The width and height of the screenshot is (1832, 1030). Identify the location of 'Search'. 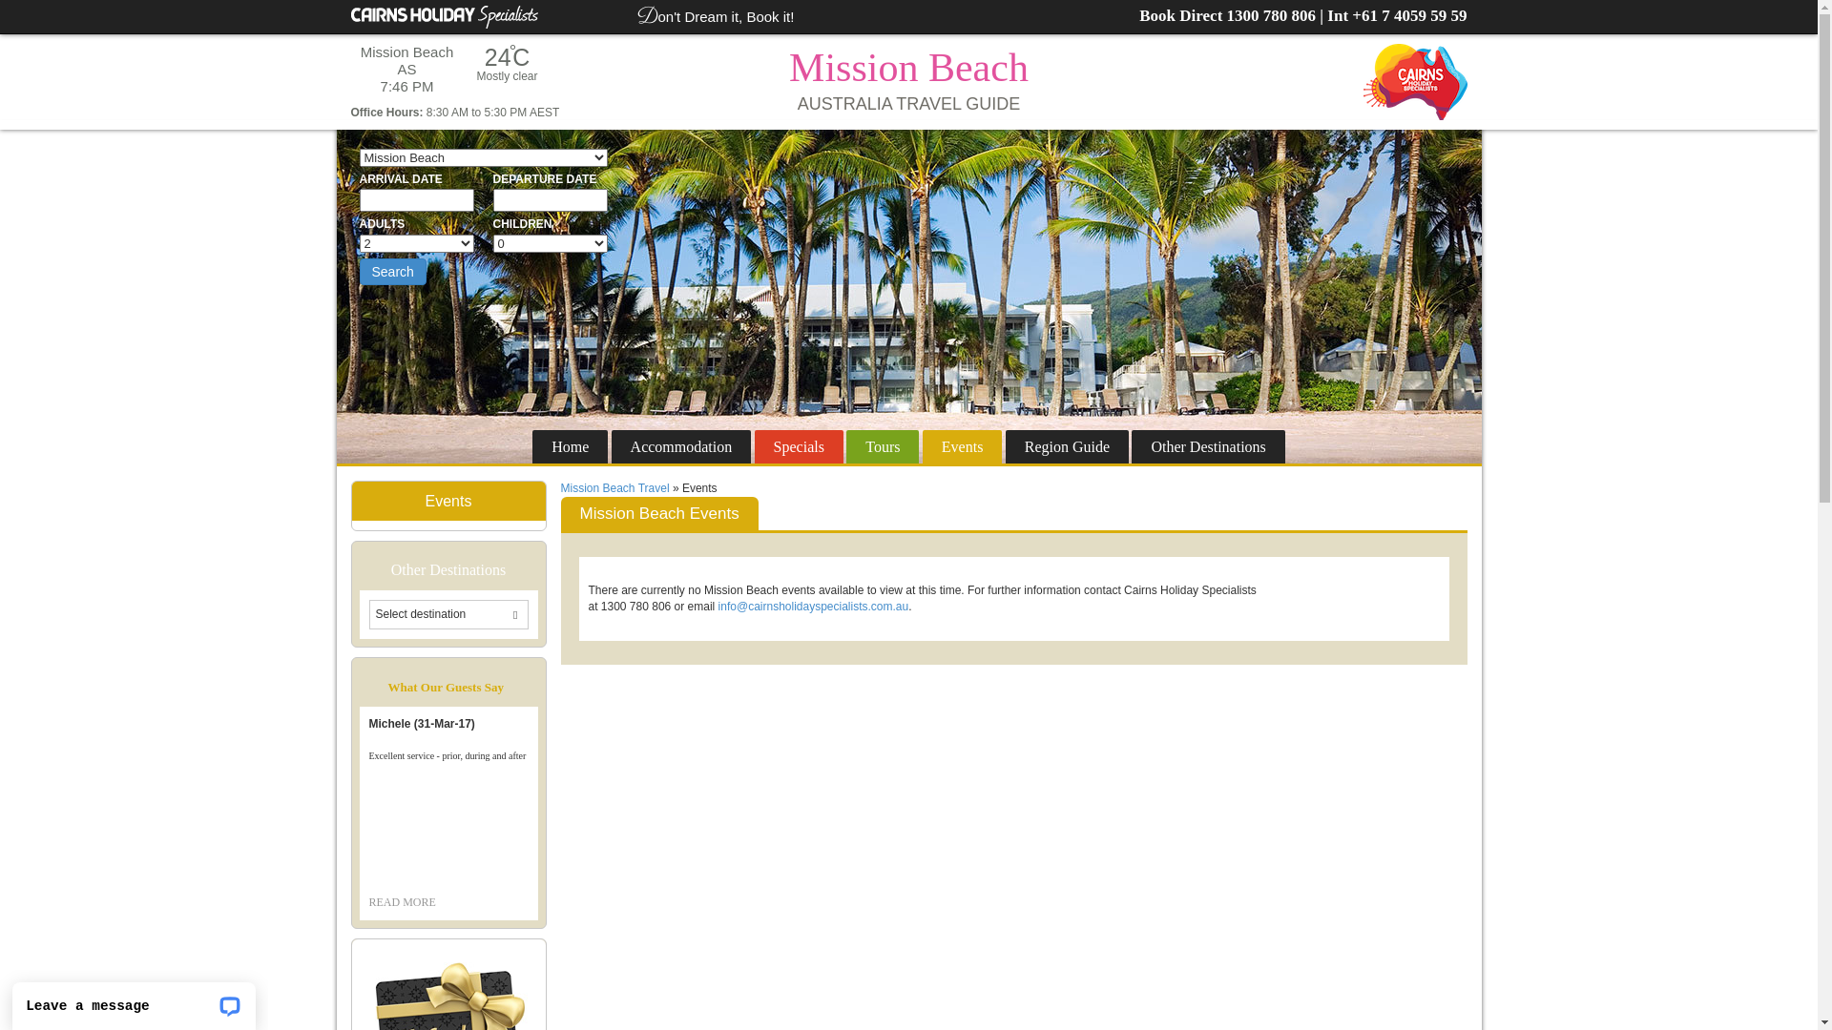
(358, 272).